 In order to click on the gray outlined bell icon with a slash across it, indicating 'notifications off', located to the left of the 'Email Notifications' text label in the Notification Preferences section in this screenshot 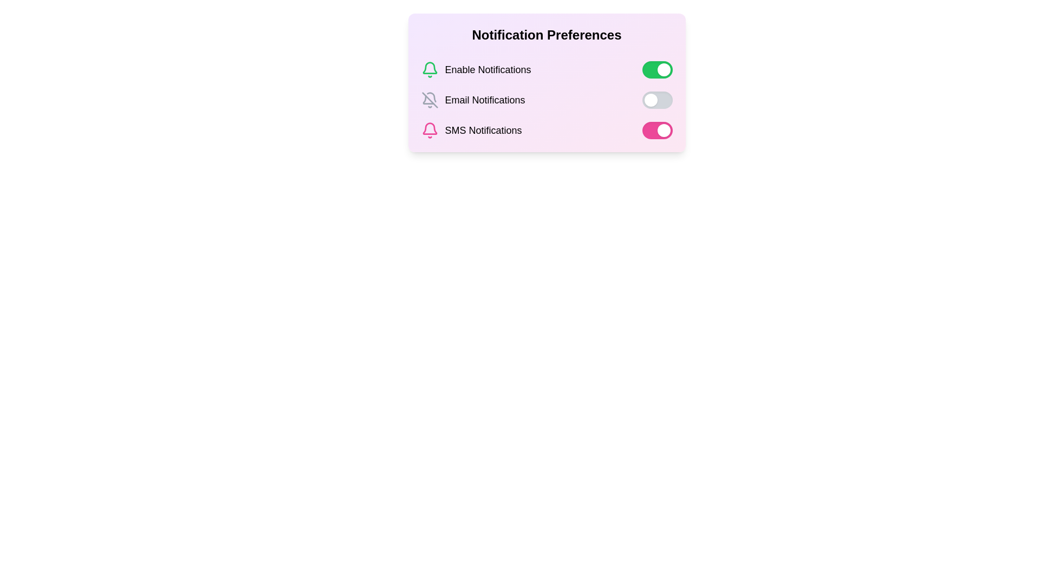, I will do `click(429, 100)`.